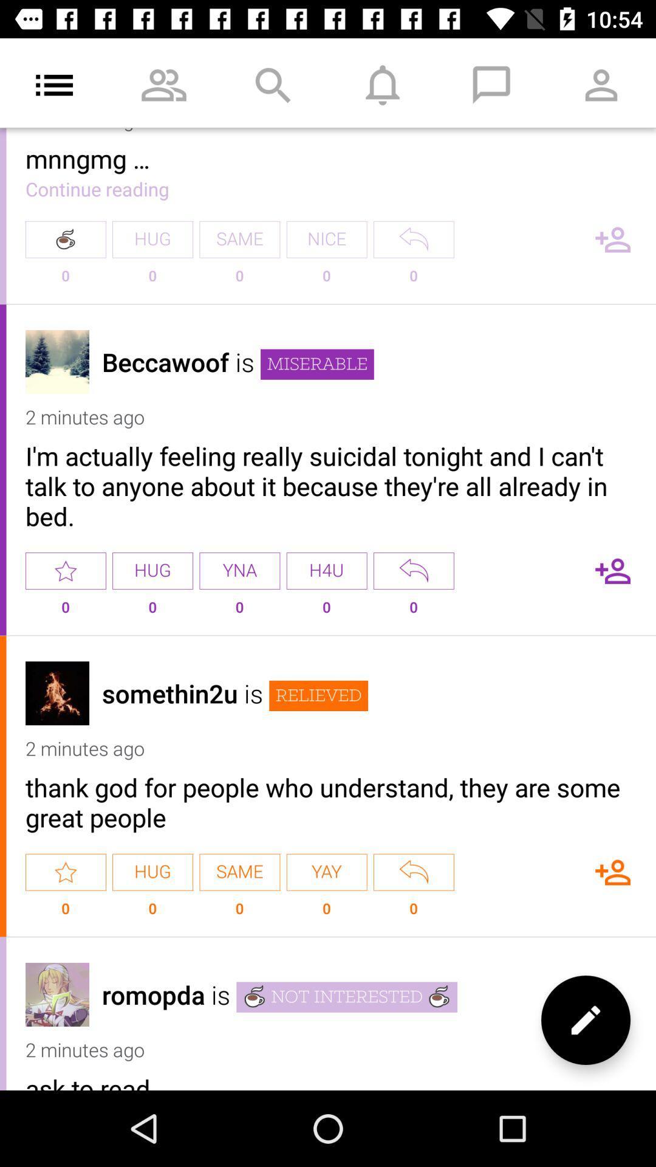 This screenshot has height=1167, width=656. Describe the element at coordinates (57, 361) in the screenshot. I see `profile avatar` at that location.